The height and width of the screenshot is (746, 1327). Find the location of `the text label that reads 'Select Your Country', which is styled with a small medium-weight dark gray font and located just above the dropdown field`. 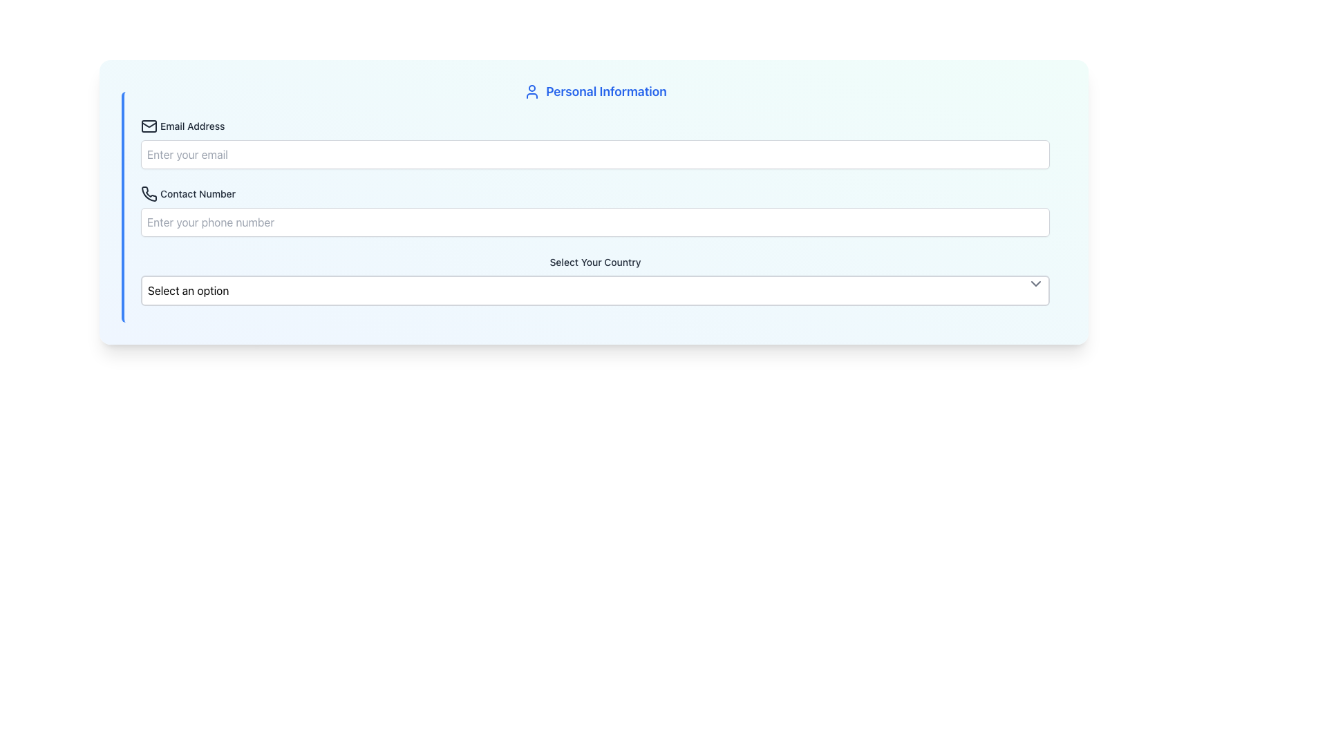

the text label that reads 'Select Your Country', which is styled with a small medium-weight dark gray font and located just above the dropdown field is located at coordinates (595, 262).